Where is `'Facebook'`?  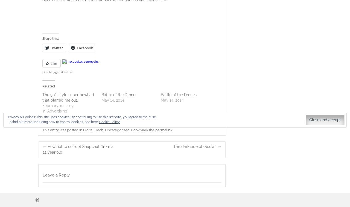
'Facebook' is located at coordinates (77, 48).